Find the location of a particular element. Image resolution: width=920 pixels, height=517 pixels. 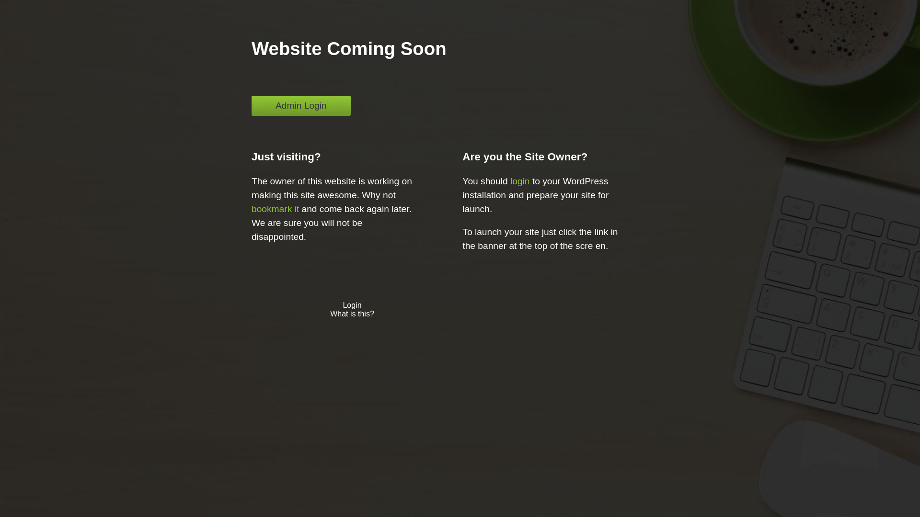

'Login' is located at coordinates (351, 305).